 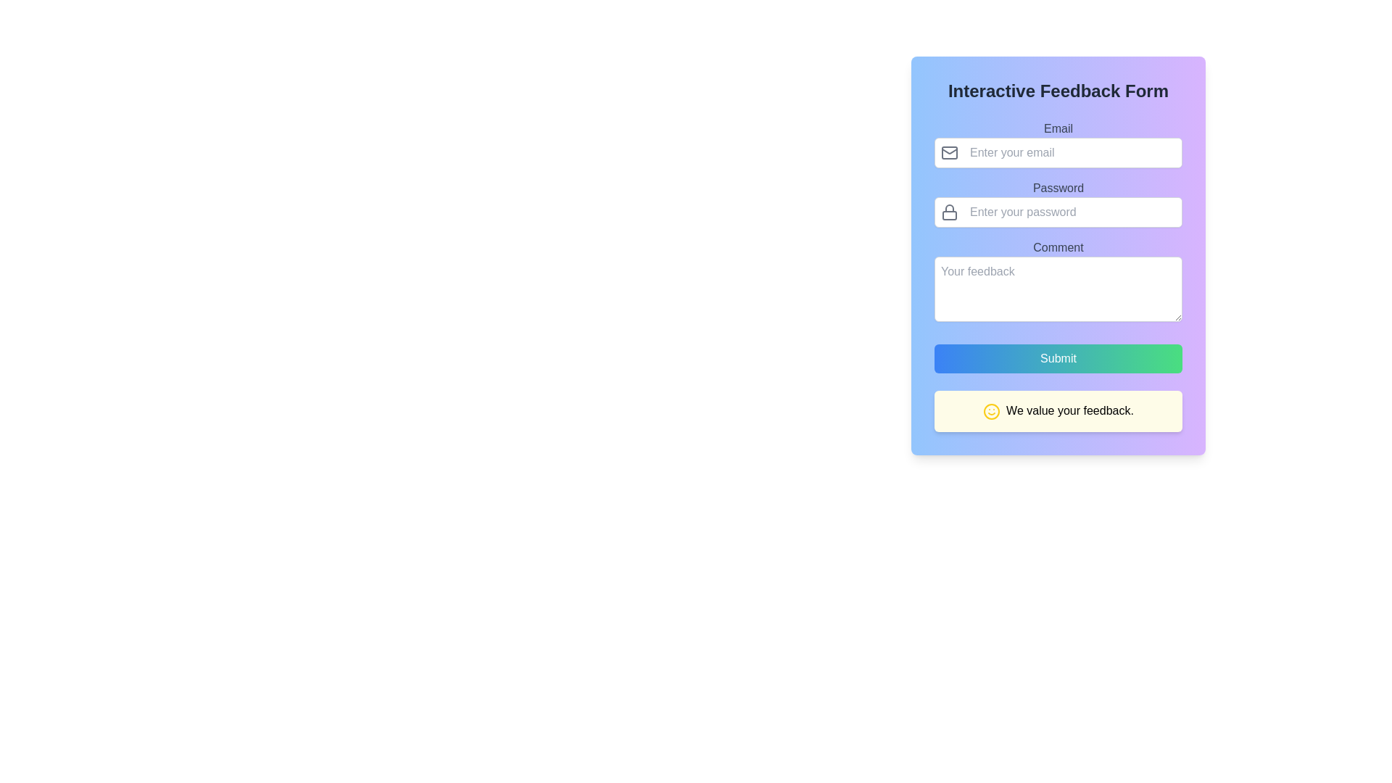 What do you see at coordinates (1058, 247) in the screenshot?
I see `the text label displaying 'Comment' in dark gray color, which is positioned above the 'Your feedback' multi-line text input field` at bounding box center [1058, 247].